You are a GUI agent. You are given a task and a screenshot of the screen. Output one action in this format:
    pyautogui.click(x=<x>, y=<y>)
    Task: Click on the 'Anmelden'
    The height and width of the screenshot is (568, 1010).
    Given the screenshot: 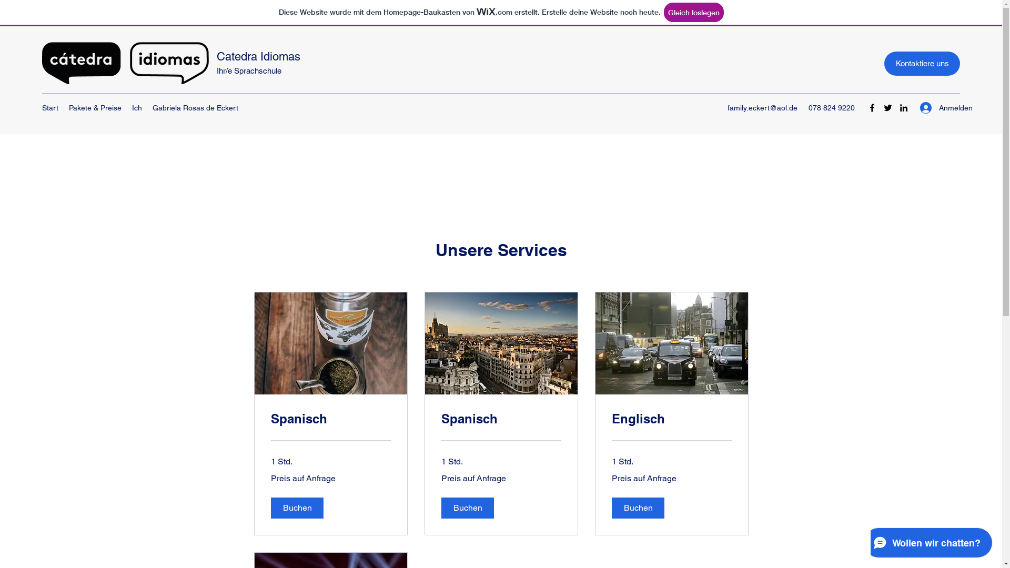 What is the action you would take?
    pyautogui.click(x=912, y=108)
    